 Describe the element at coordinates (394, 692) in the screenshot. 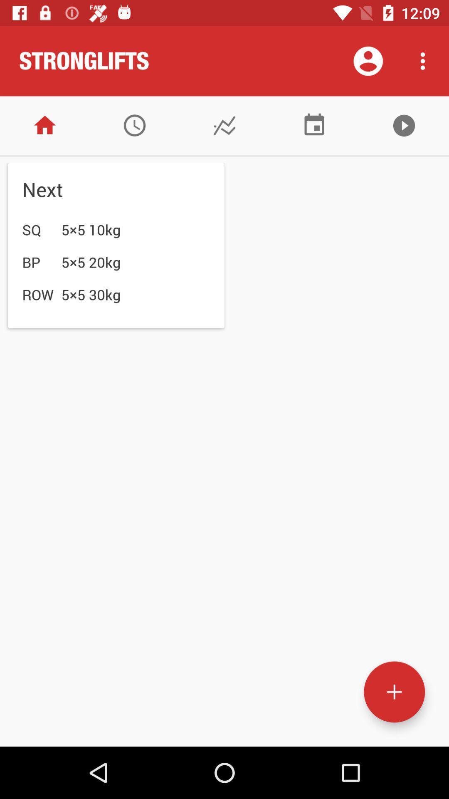

I see `the add icon` at that location.